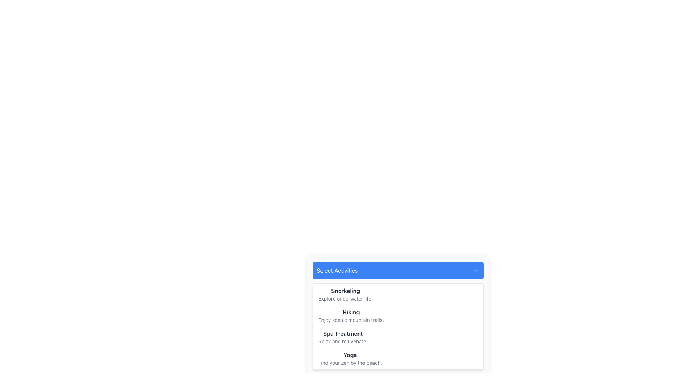 This screenshot has height=385, width=685. Describe the element at coordinates (397, 294) in the screenshot. I see `the first option in the dropdown list labeled 'Snorkeling' located below the title 'Select Activities' with a blue background` at that location.